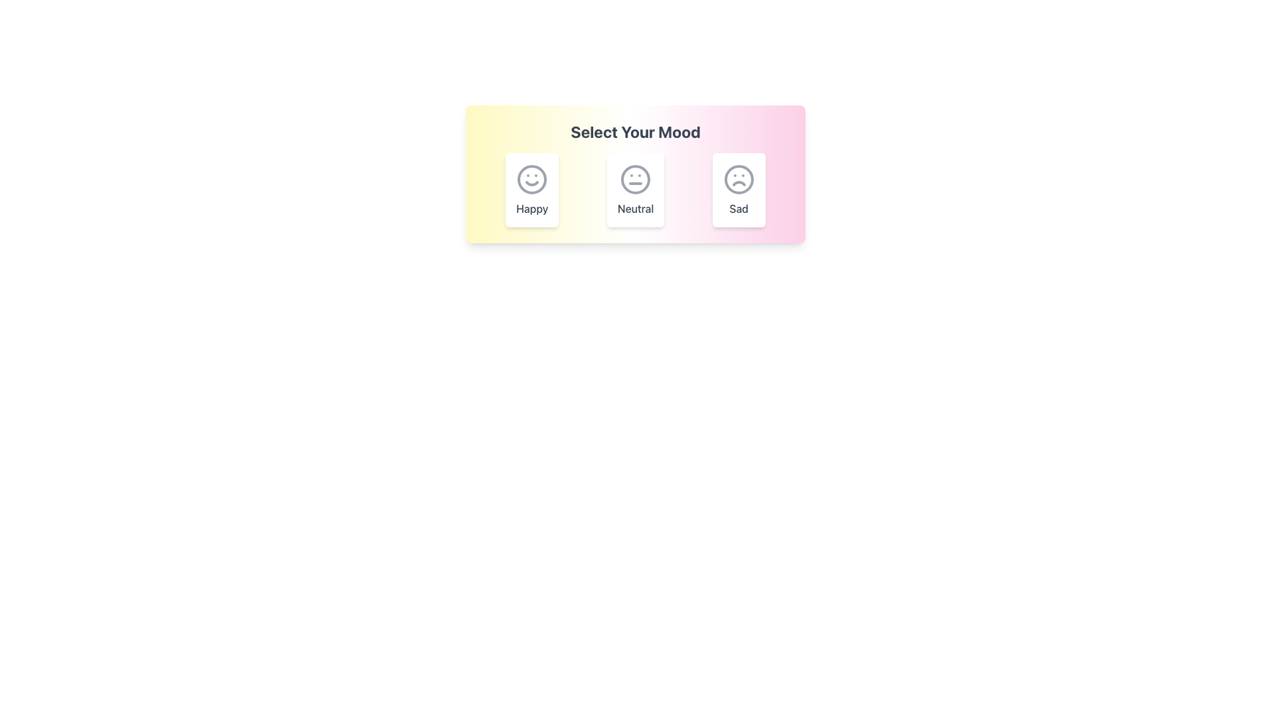 The width and height of the screenshot is (1274, 716). I want to click on the 'Neutral' emotion icon in the mood selection interface, so click(635, 179).